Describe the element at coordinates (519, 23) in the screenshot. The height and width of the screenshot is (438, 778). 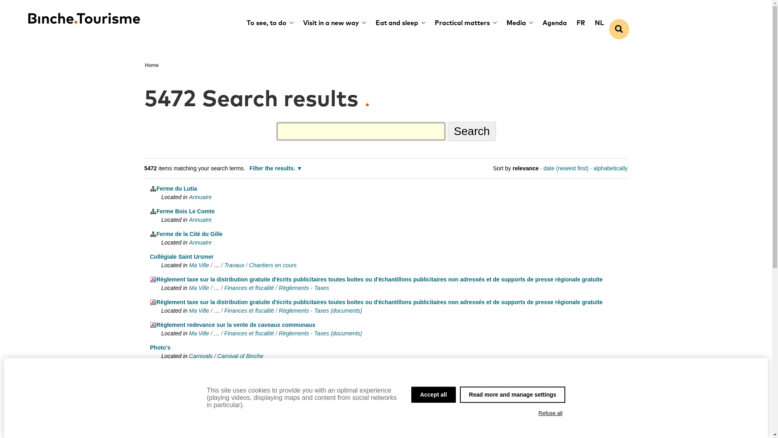
I see `'Media'` at that location.